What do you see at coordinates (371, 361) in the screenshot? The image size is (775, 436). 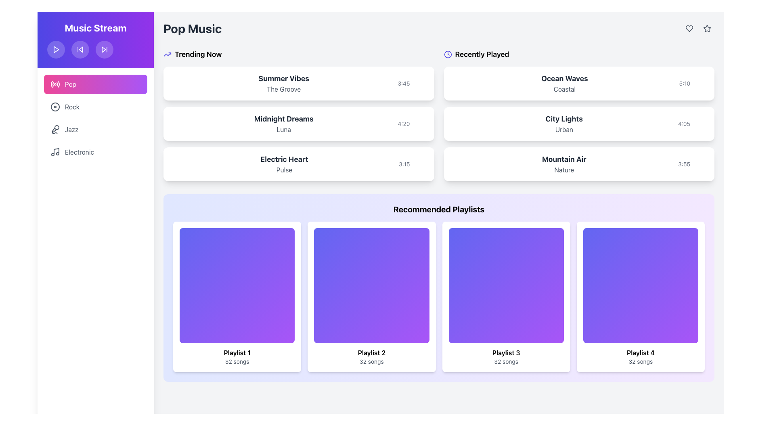 I see `the static text displaying '32 songs', which is located directly beneath the heading 'Playlist 2' in the second card of the 'Recommended Playlists' section` at bounding box center [371, 361].